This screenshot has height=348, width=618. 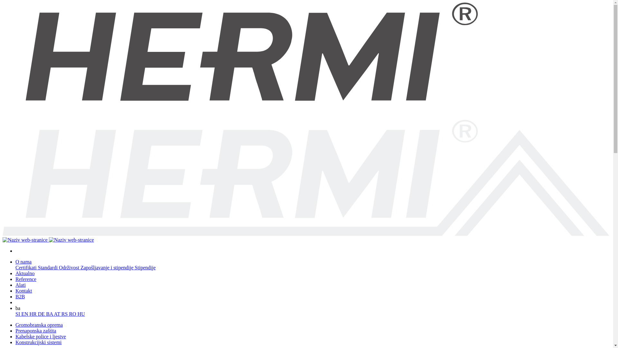 I want to click on 'Certifikati', so click(x=26, y=267).